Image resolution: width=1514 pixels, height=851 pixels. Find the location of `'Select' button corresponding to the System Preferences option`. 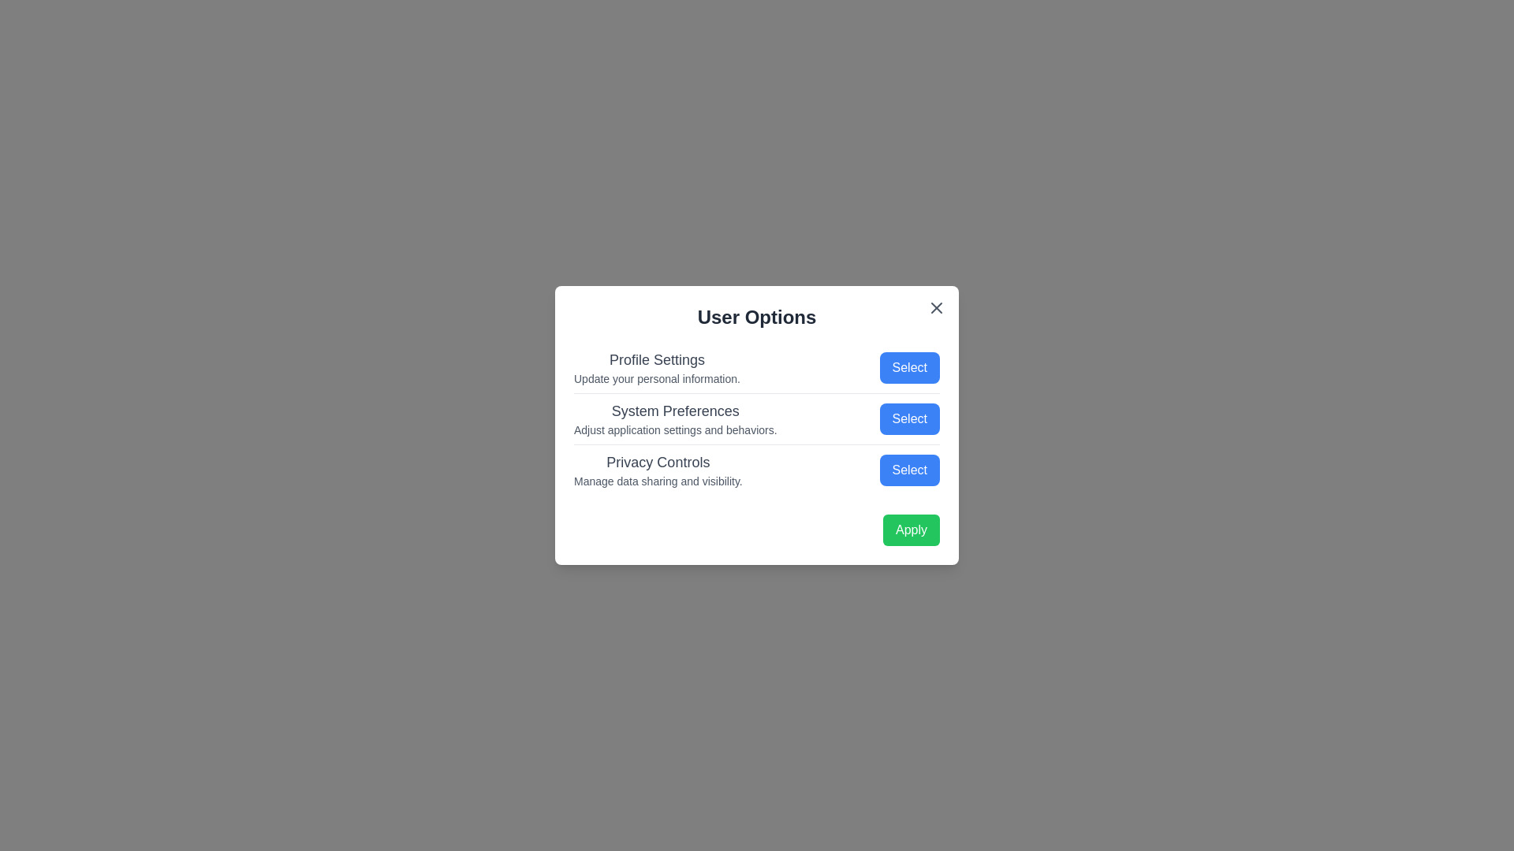

'Select' button corresponding to the System Preferences option is located at coordinates (909, 418).